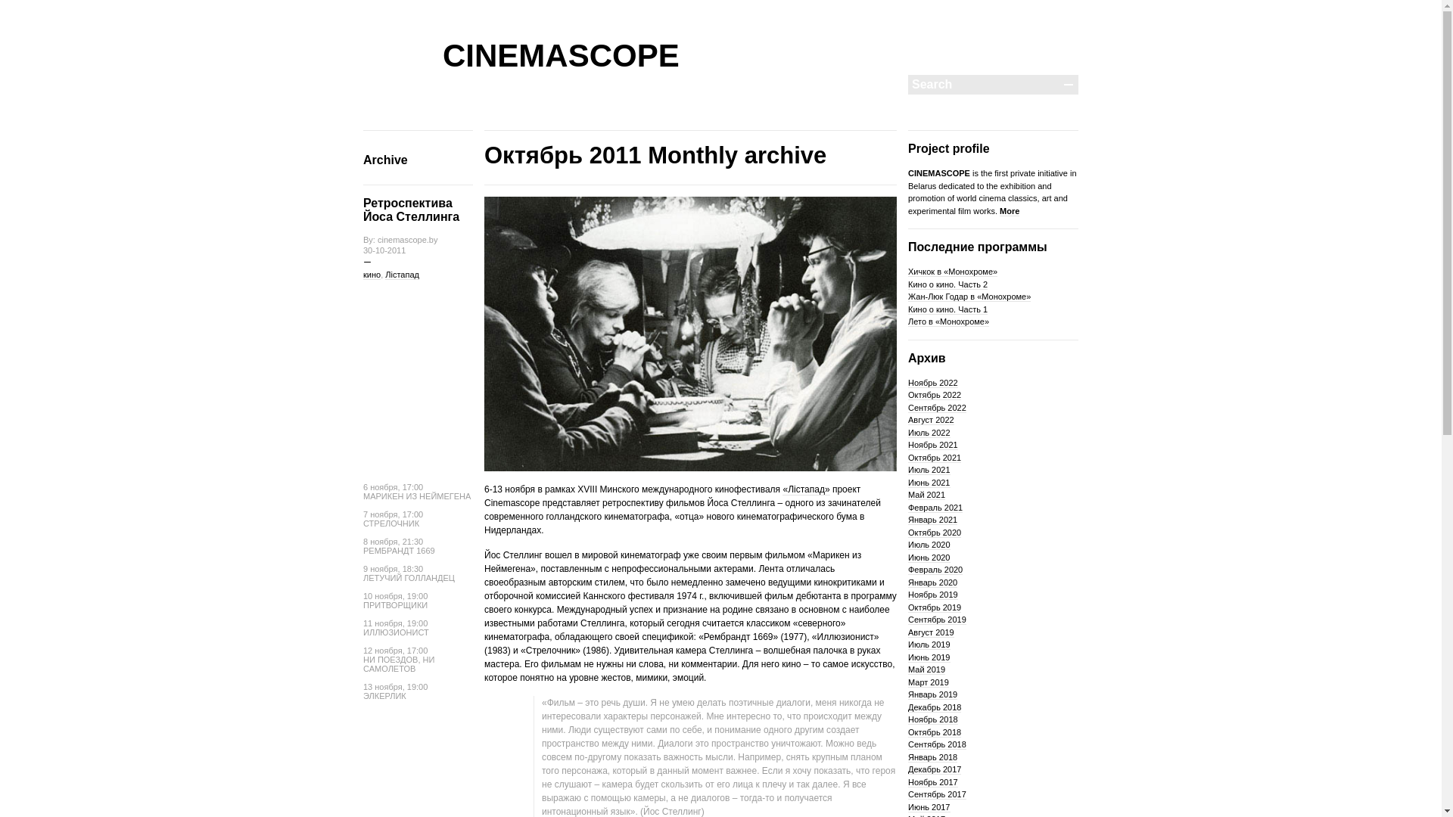  What do you see at coordinates (1010, 210) in the screenshot?
I see `'More'` at bounding box center [1010, 210].